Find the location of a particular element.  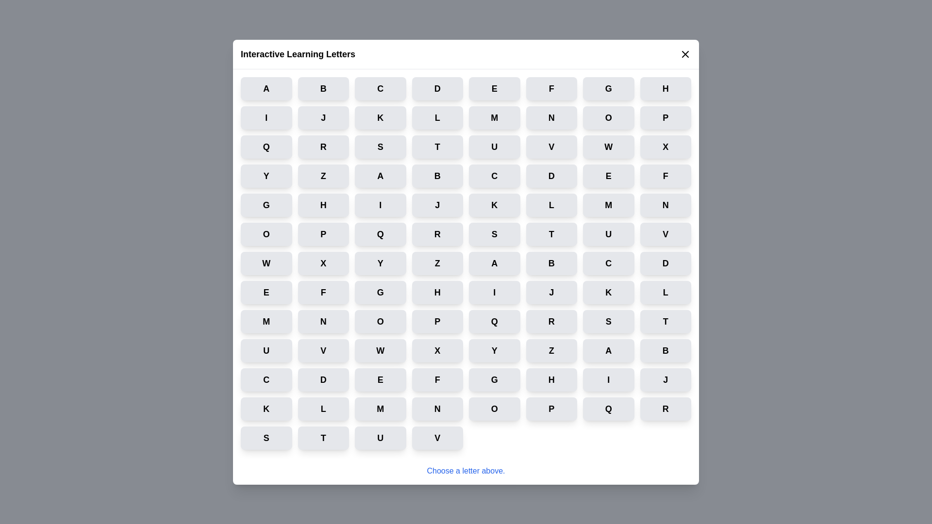

the button labeled C to select it is located at coordinates (380, 88).